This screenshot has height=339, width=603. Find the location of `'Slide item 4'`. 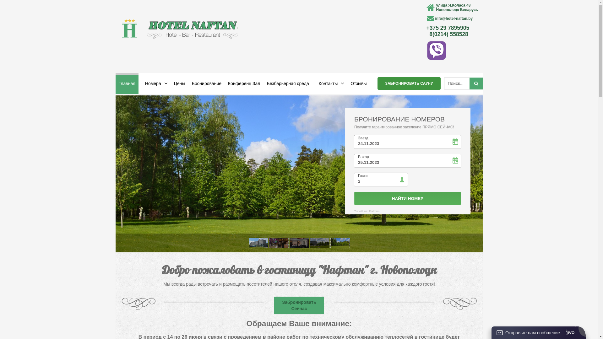

'Slide item 4' is located at coordinates (319, 243).